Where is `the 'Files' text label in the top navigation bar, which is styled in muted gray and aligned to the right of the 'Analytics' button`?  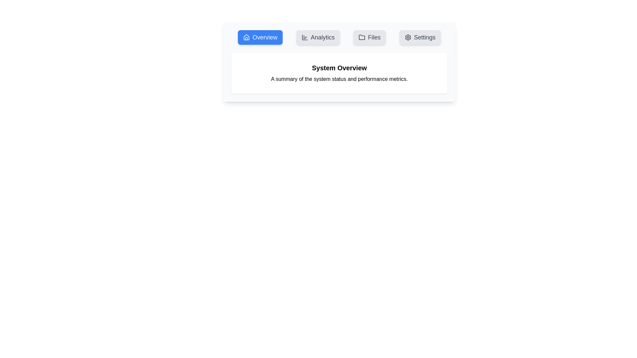
the 'Files' text label in the top navigation bar, which is styled in muted gray and aligned to the right of the 'Analytics' button is located at coordinates (374, 37).